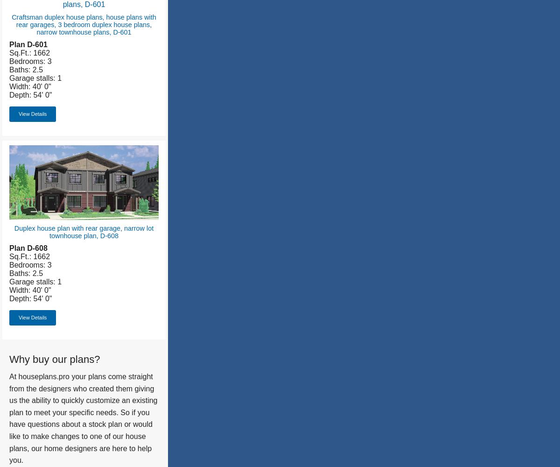  What do you see at coordinates (83, 418) in the screenshot?
I see `'At houseplans.pro your plans come straight from the designers who created them giving us the ability to quickly customize an existing plan to meet your specific needs. So if you have questions about a stock plan or would like to make changes to one of our house plans, our home designers are here to help you.'` at bounding box center [83, 418].